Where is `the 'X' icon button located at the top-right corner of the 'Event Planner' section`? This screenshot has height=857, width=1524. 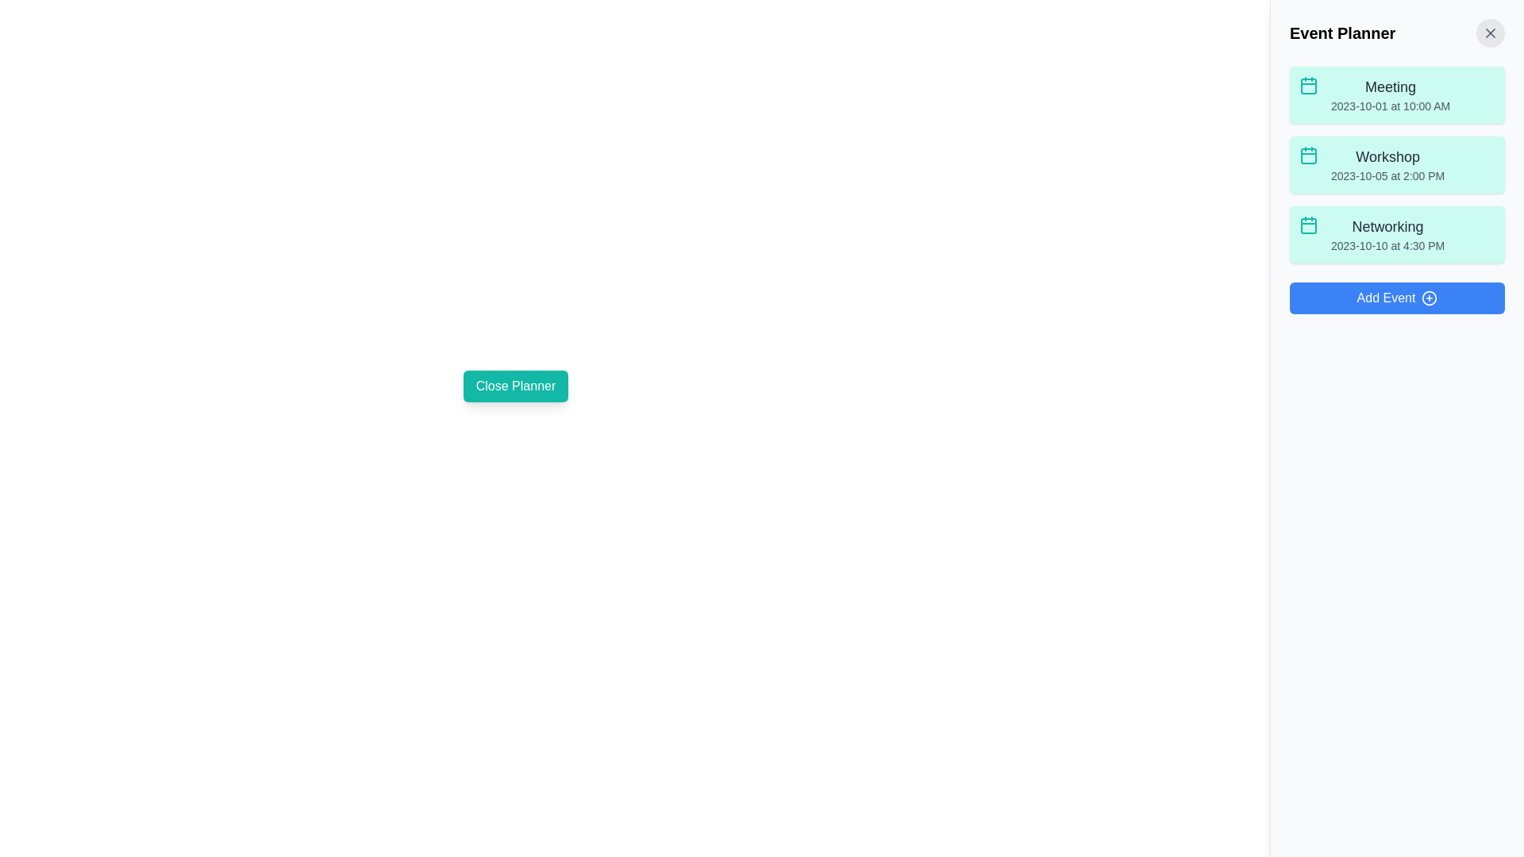 the 'X' icon button located at the top-right corner of the 'Event Planner' section is located at coordinates (1489, 33).